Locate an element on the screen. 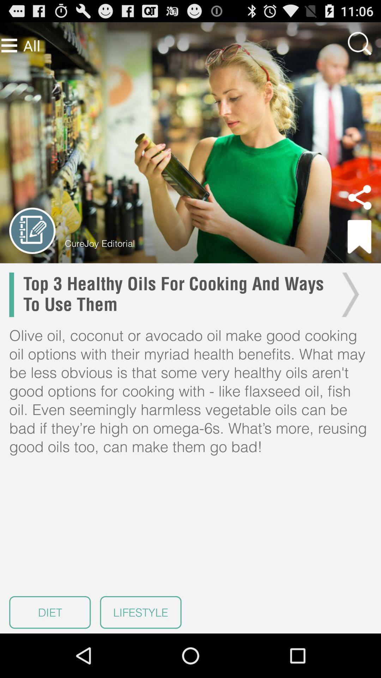 The image size is (381, 678). item above the olive oil coconut icon is located at coordinates (174, 295).